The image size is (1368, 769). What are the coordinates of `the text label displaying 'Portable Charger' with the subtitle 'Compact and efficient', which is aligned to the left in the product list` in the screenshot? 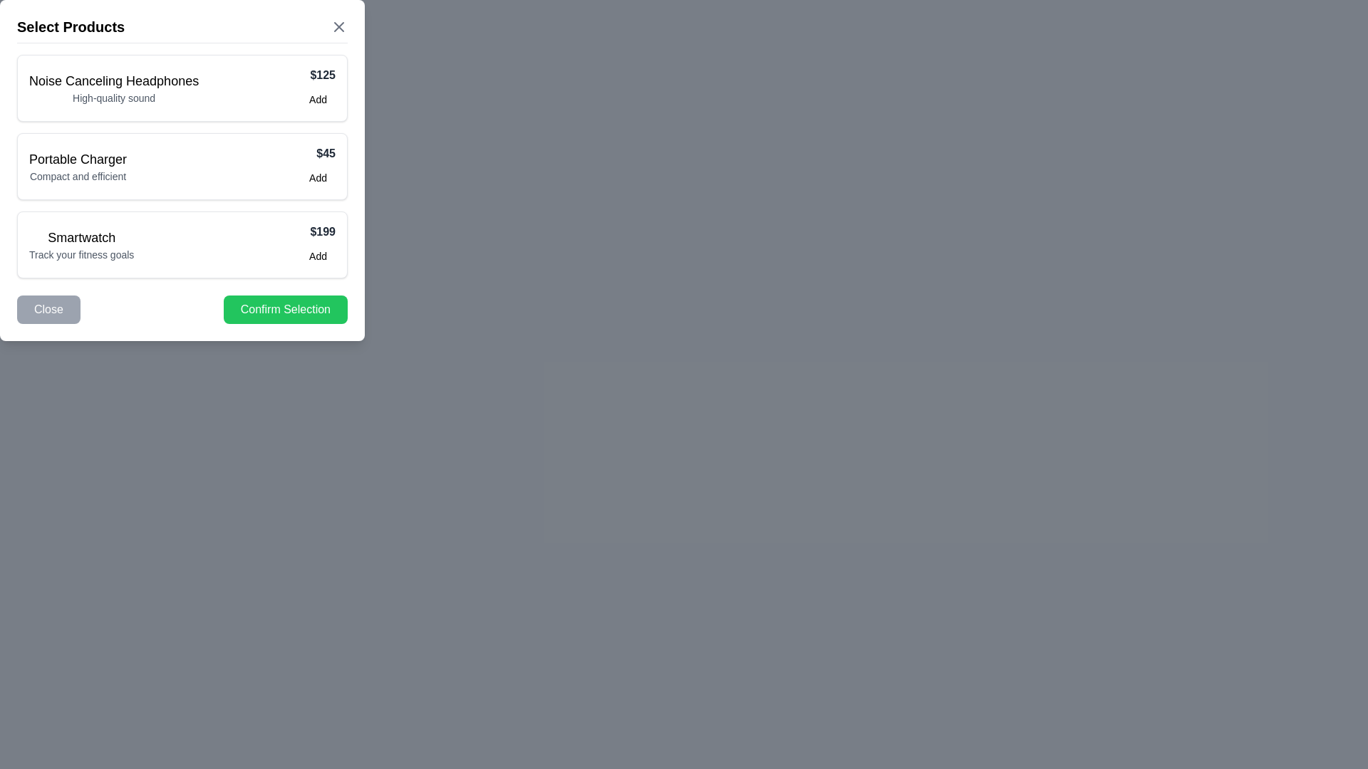 It's located at (77, 166).